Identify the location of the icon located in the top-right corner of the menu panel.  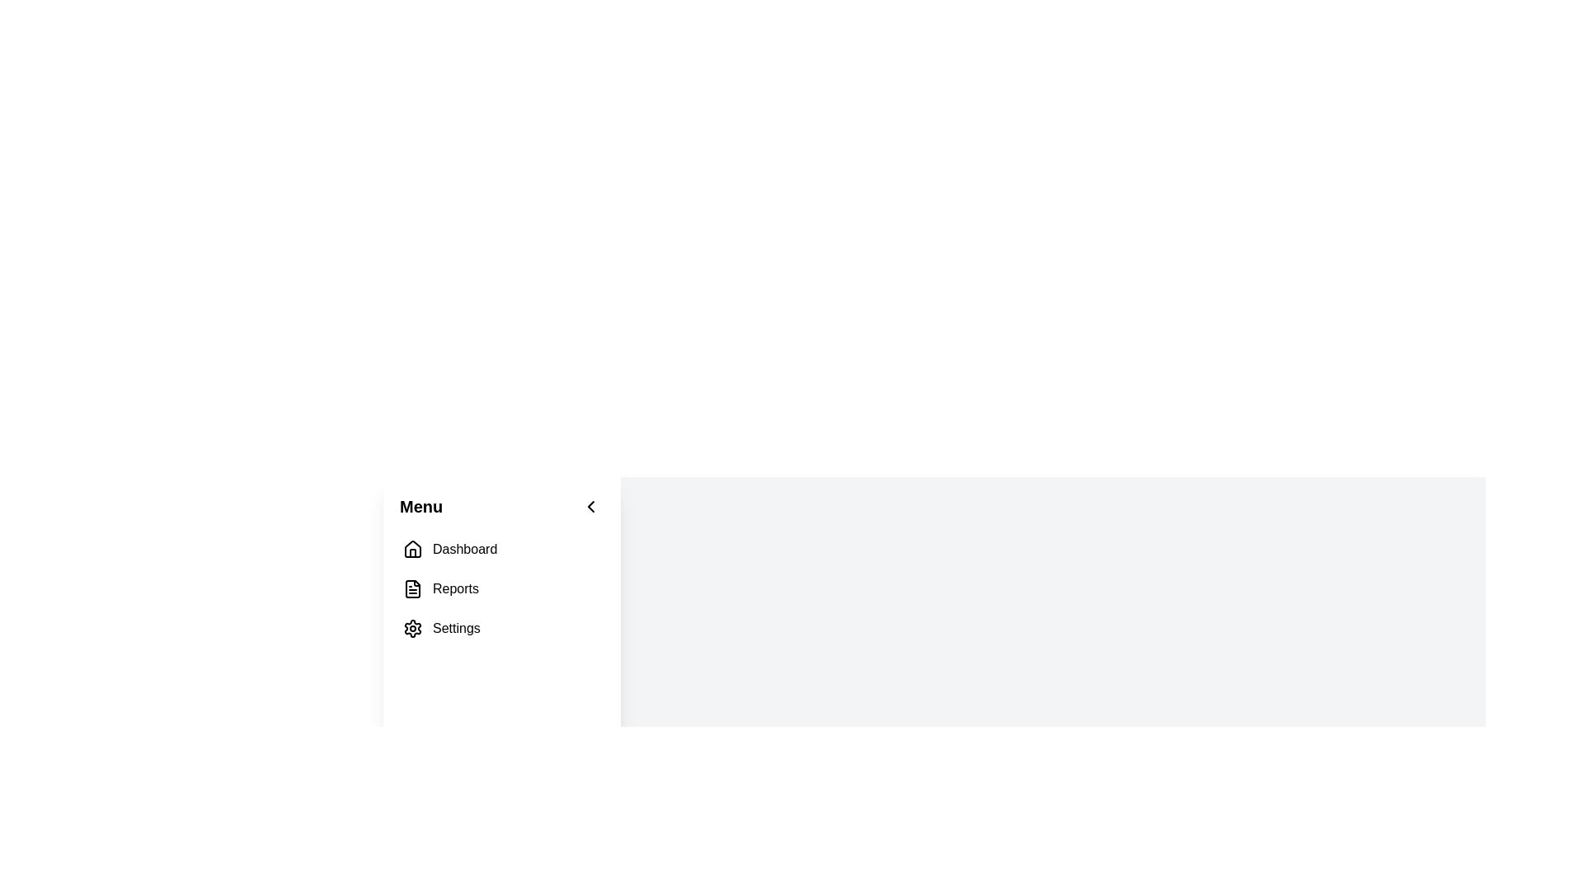
(590, 505).